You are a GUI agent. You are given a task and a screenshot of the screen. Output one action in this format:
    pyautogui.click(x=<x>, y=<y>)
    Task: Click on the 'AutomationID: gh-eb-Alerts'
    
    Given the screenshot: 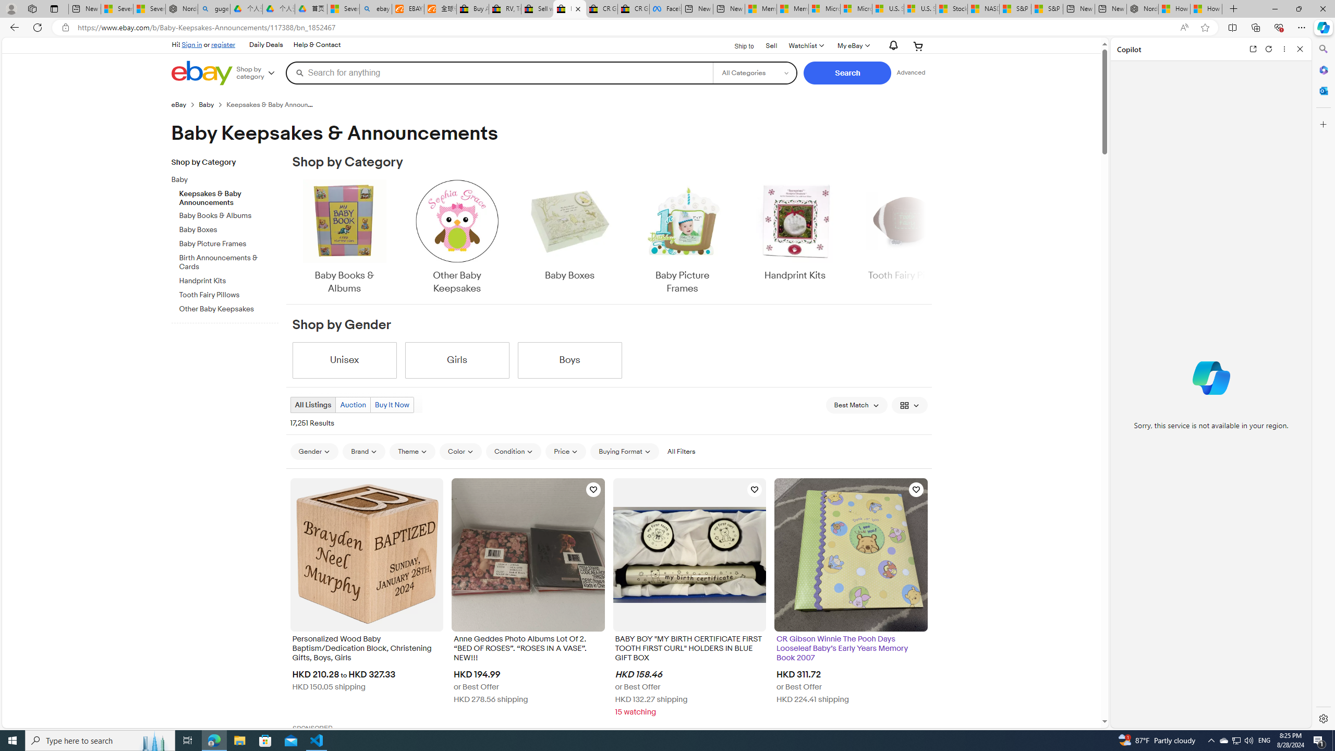 What is the action you would take?
    pyautogui.click(x=891, y=46)
    